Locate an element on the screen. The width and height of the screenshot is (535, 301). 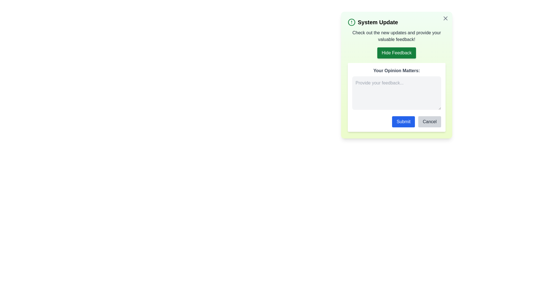
the 'Hide Feedback' button to toggle the visibility of the feedback section is located at coordinates (396, 53).